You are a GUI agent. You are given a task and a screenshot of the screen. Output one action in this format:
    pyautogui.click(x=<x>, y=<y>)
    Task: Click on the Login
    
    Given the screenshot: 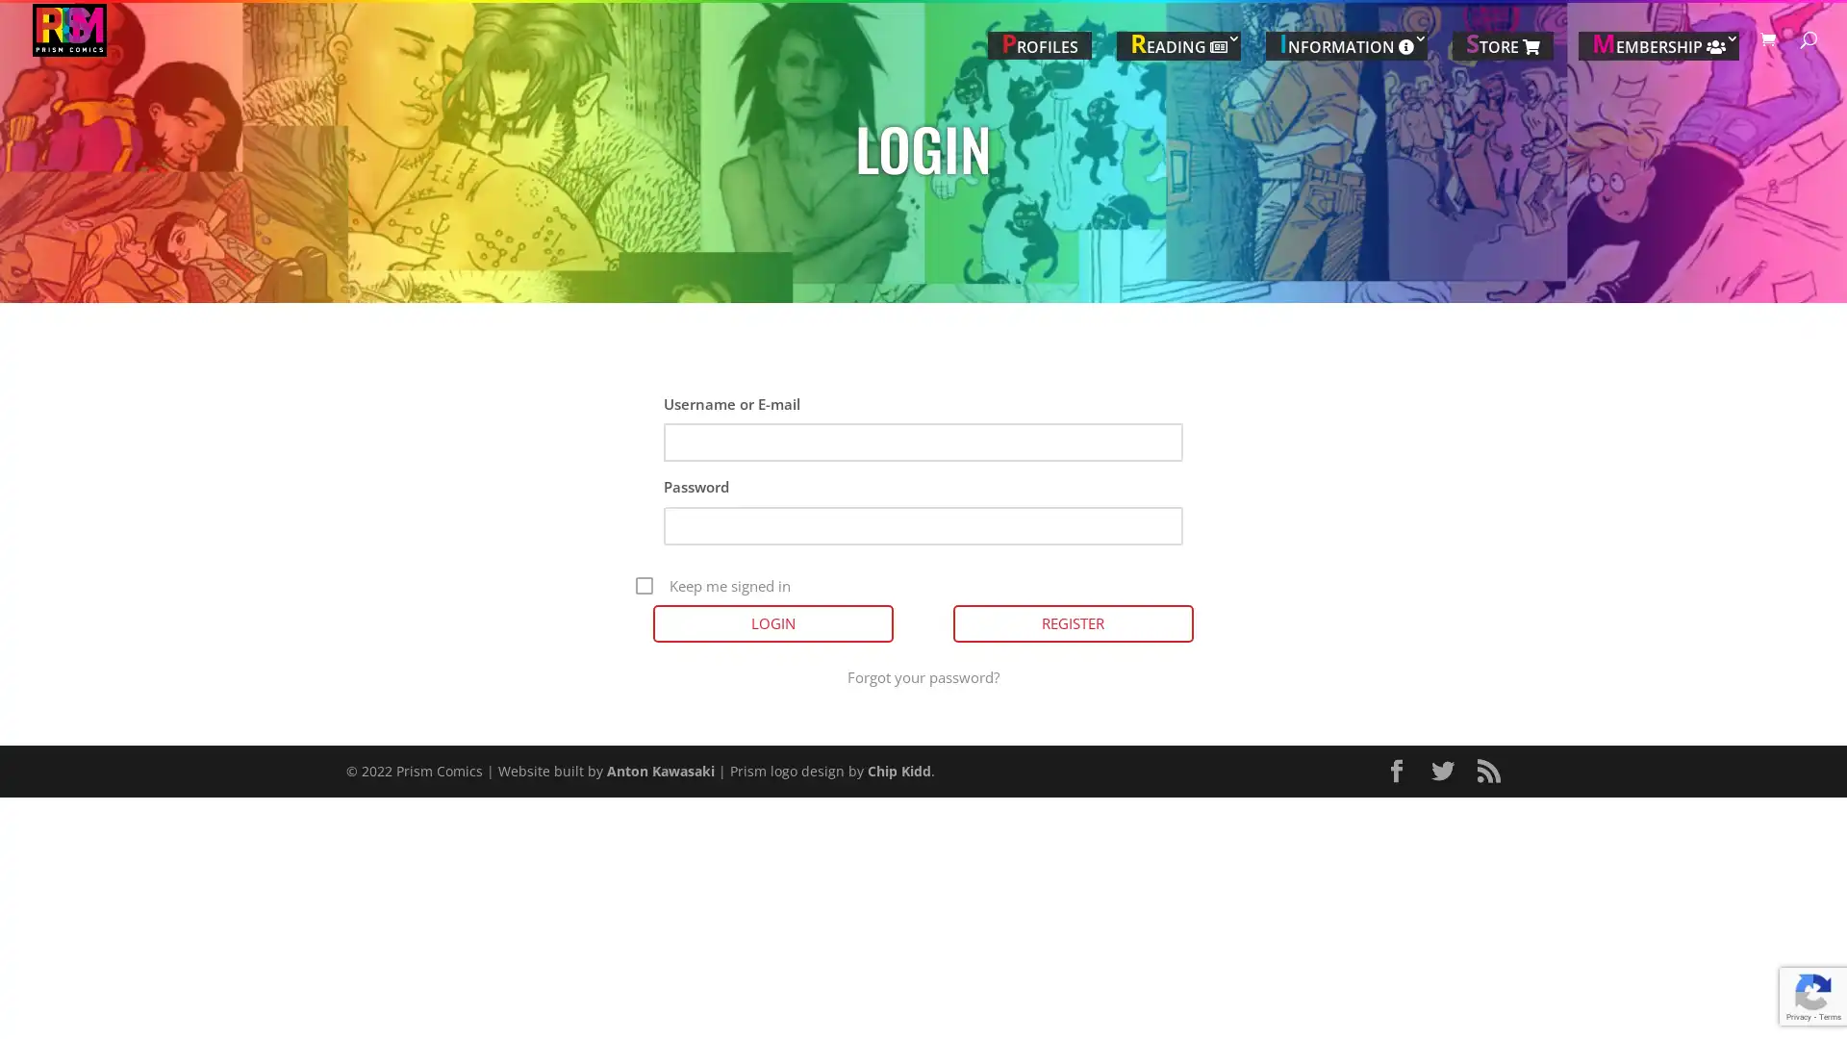 What is the action you would take?
    pyautogui.click(x=772, y=623)
    